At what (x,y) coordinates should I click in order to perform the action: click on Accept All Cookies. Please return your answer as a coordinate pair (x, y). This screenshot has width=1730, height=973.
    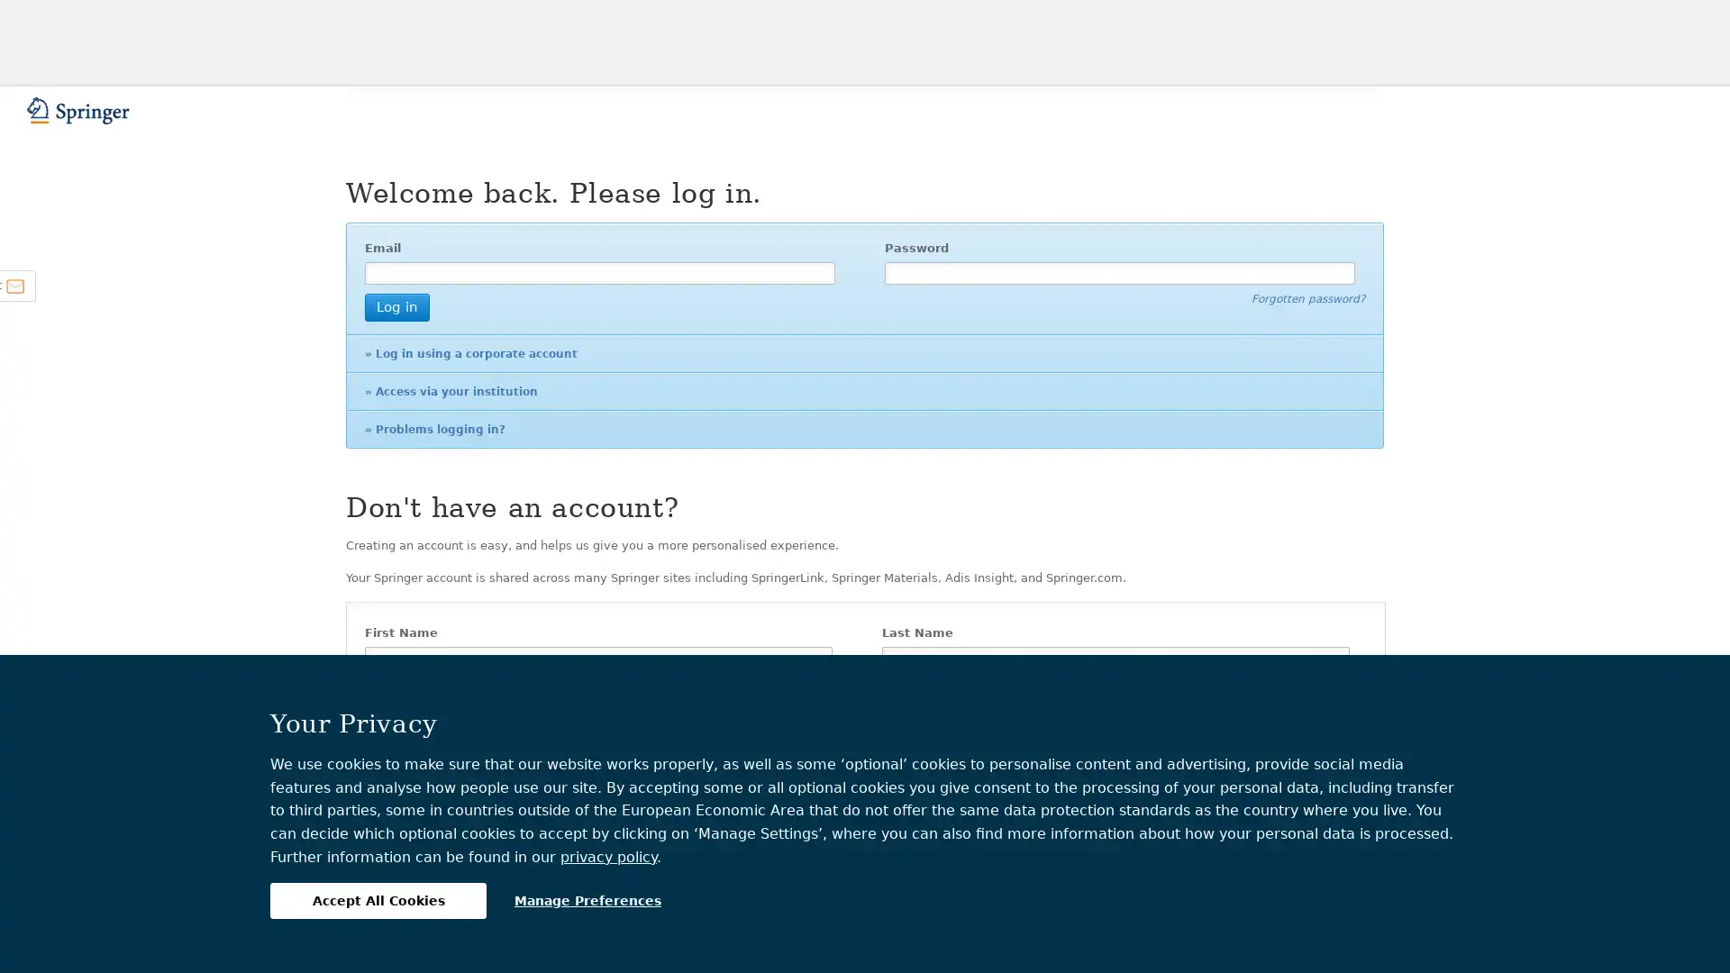
    Looking at the image, I should click on (378, 900).